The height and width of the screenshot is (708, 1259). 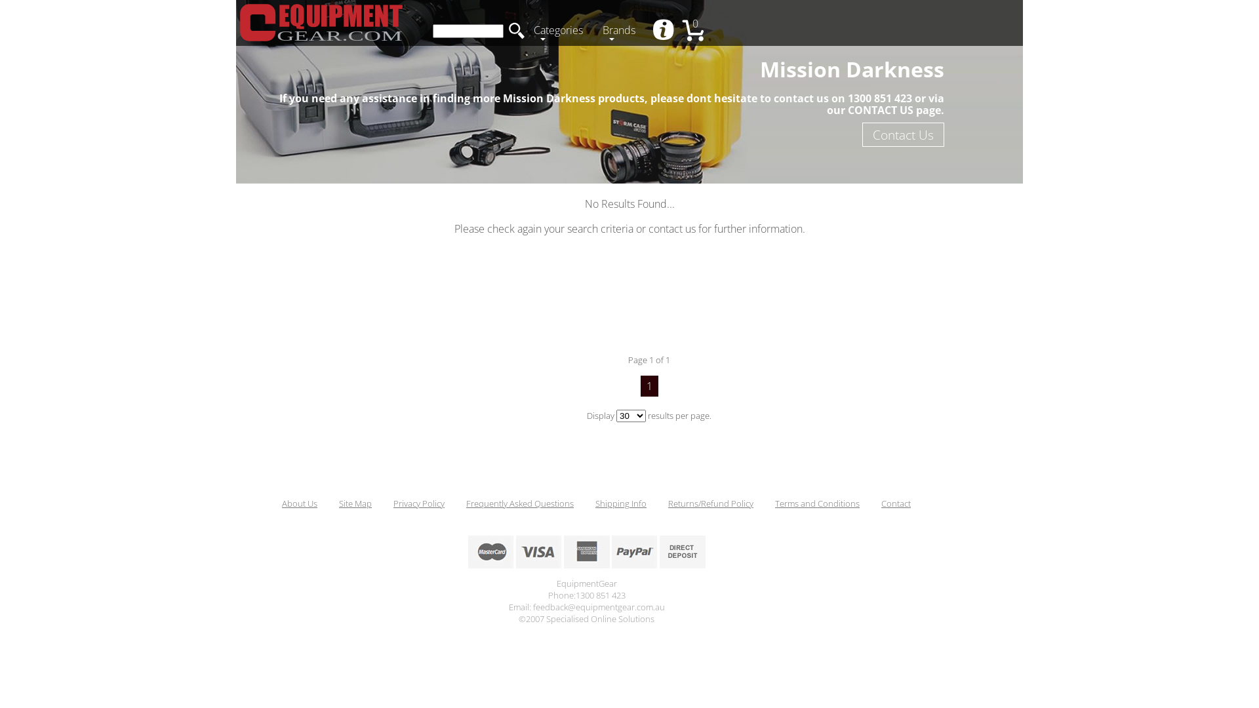 What do you see at coordinates (895, 502) in the screenshot?
I see `'Contact'` at bounding box center [895, 502].